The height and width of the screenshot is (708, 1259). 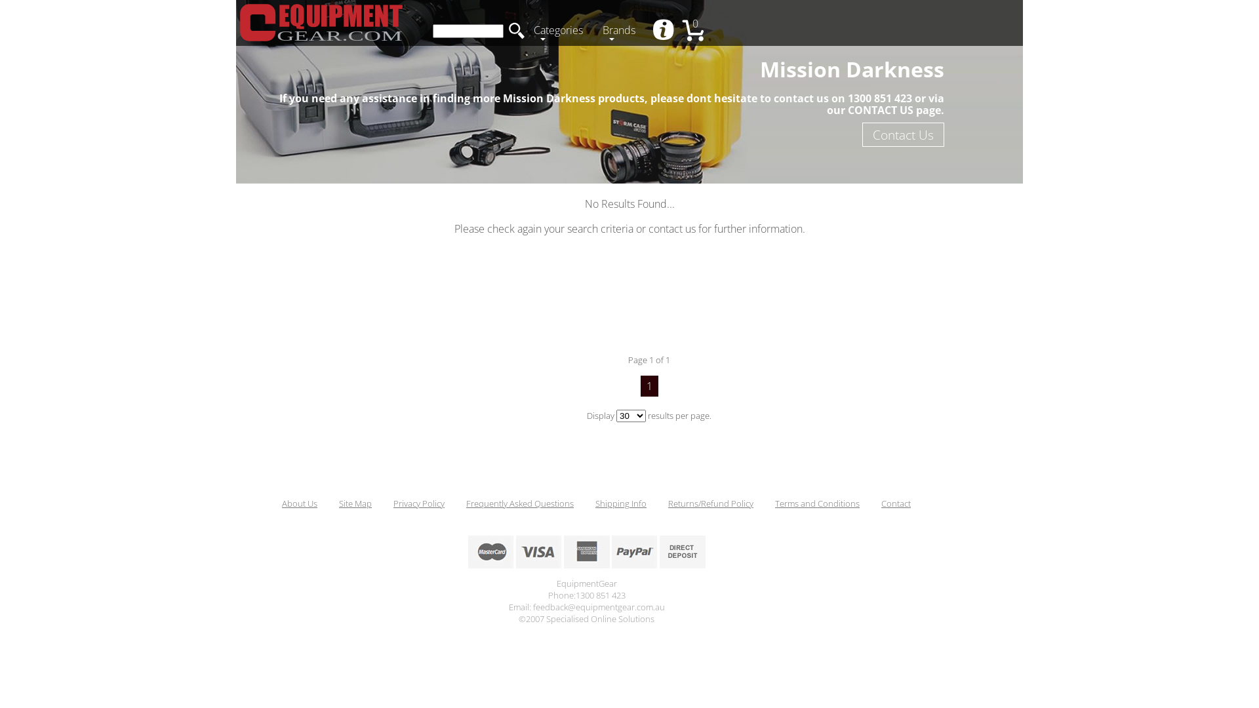 What do you see at coordinates (895, 502) in the screenshot?
I see `'Contact'` at bounding box center [895, 502].